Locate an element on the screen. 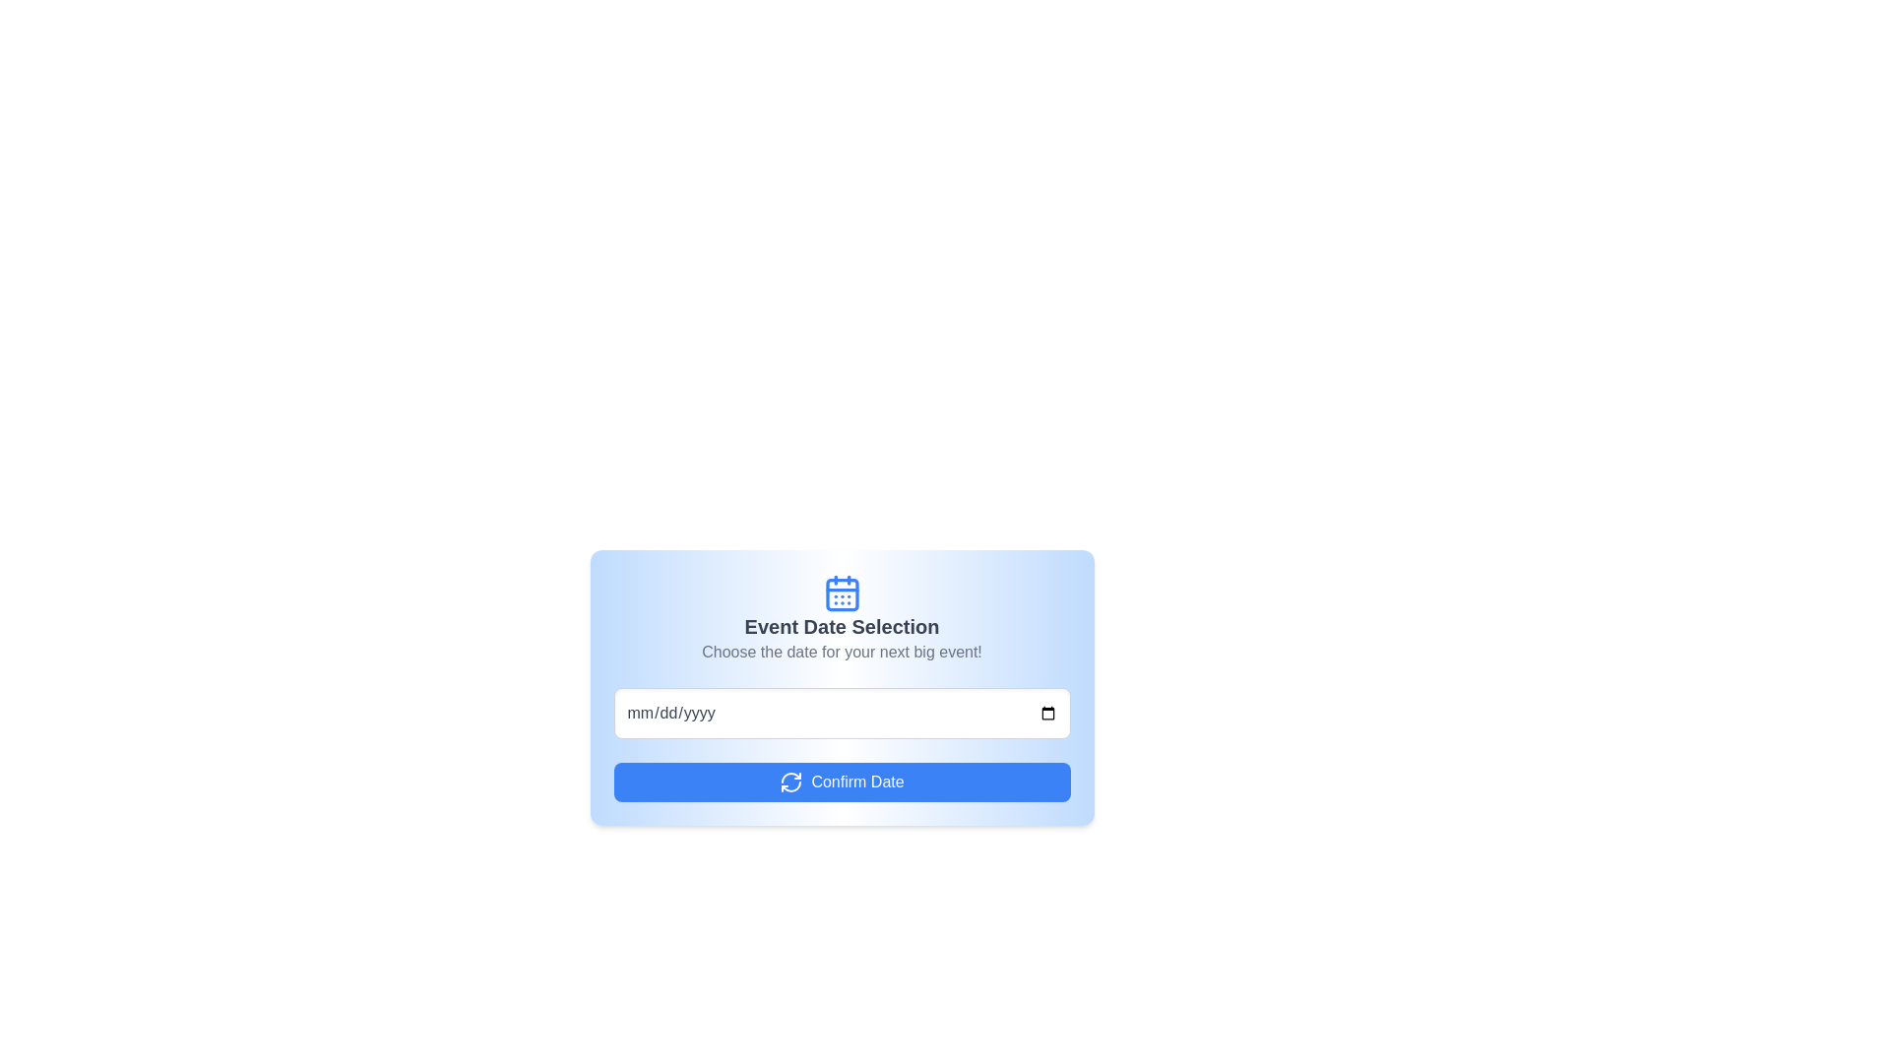 The width and height of the screenshot is (1890, 1063). the confirm date button located at the center of the card UI component, positioned below the date input field, to observe hover effects is located at coordinates (842, 781).